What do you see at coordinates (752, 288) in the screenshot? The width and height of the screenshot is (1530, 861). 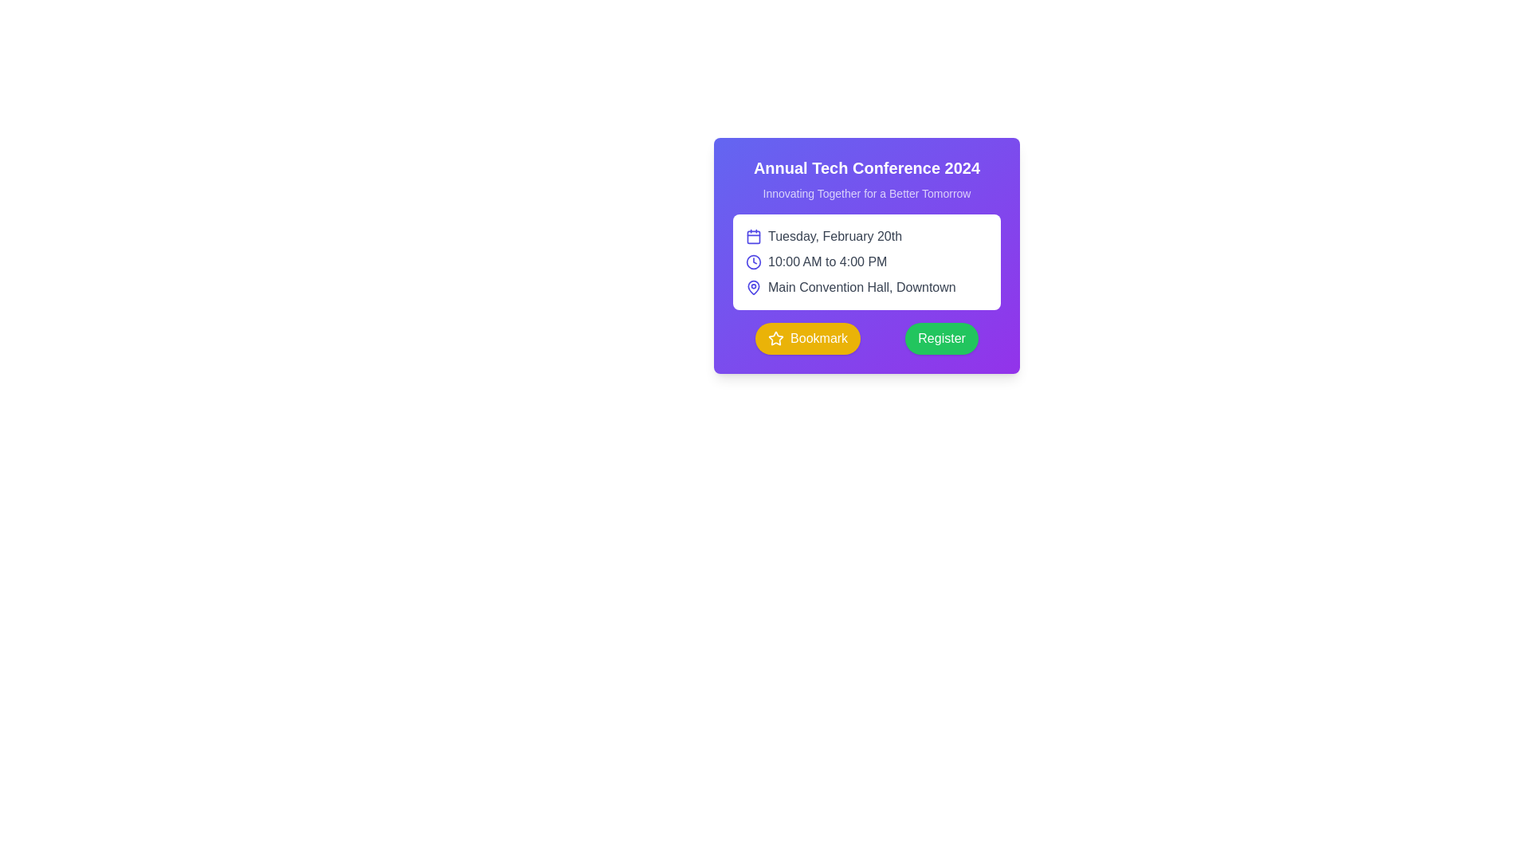 I see `the map pin icon representing the location 'Main Convention Hall, Downtown' which is positioned to the left of the event details text` at bounding box center [752, 288].